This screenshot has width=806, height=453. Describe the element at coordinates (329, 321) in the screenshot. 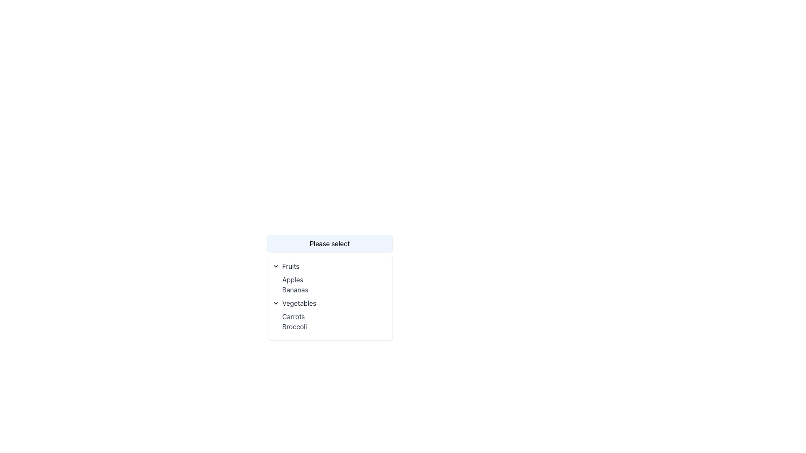

I see `the dropdown list item` at that location.